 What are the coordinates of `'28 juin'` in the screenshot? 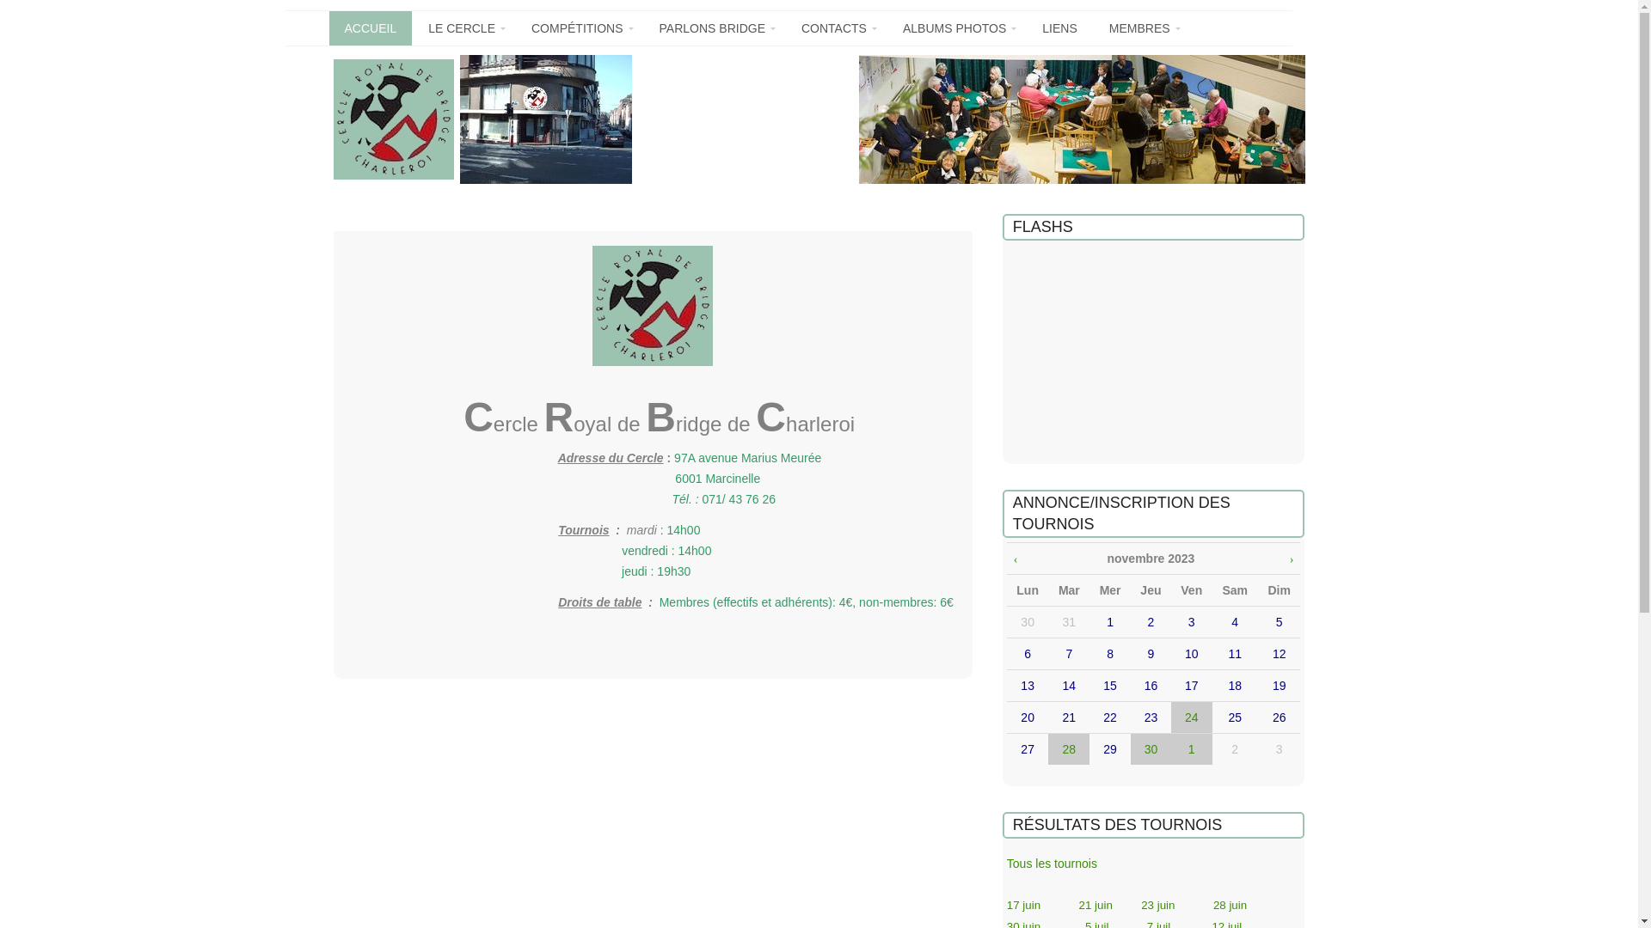 It's located at (1212, 904).